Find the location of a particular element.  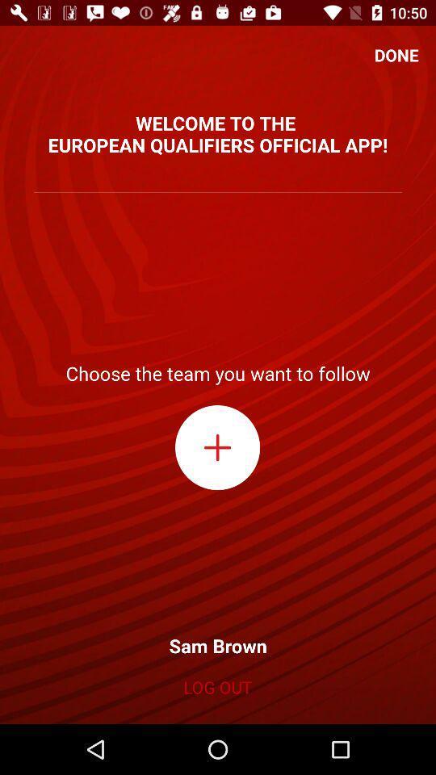

icon below sam brown is located at coordinates (217, 686).